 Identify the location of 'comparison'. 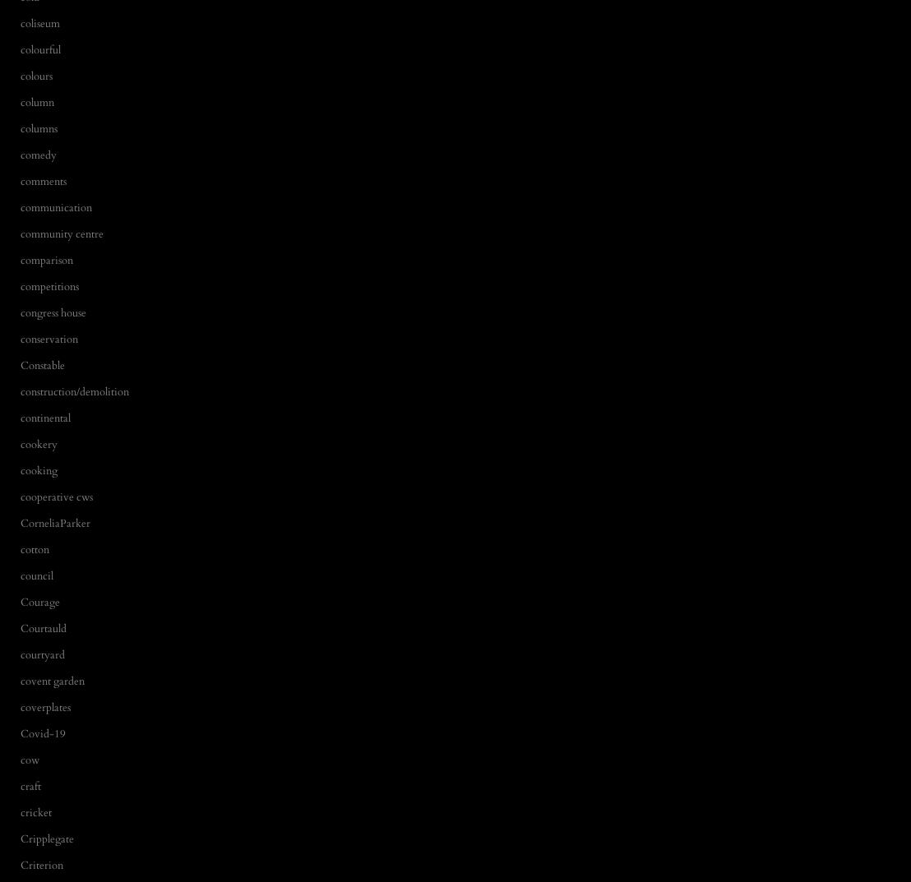
(45, 259).